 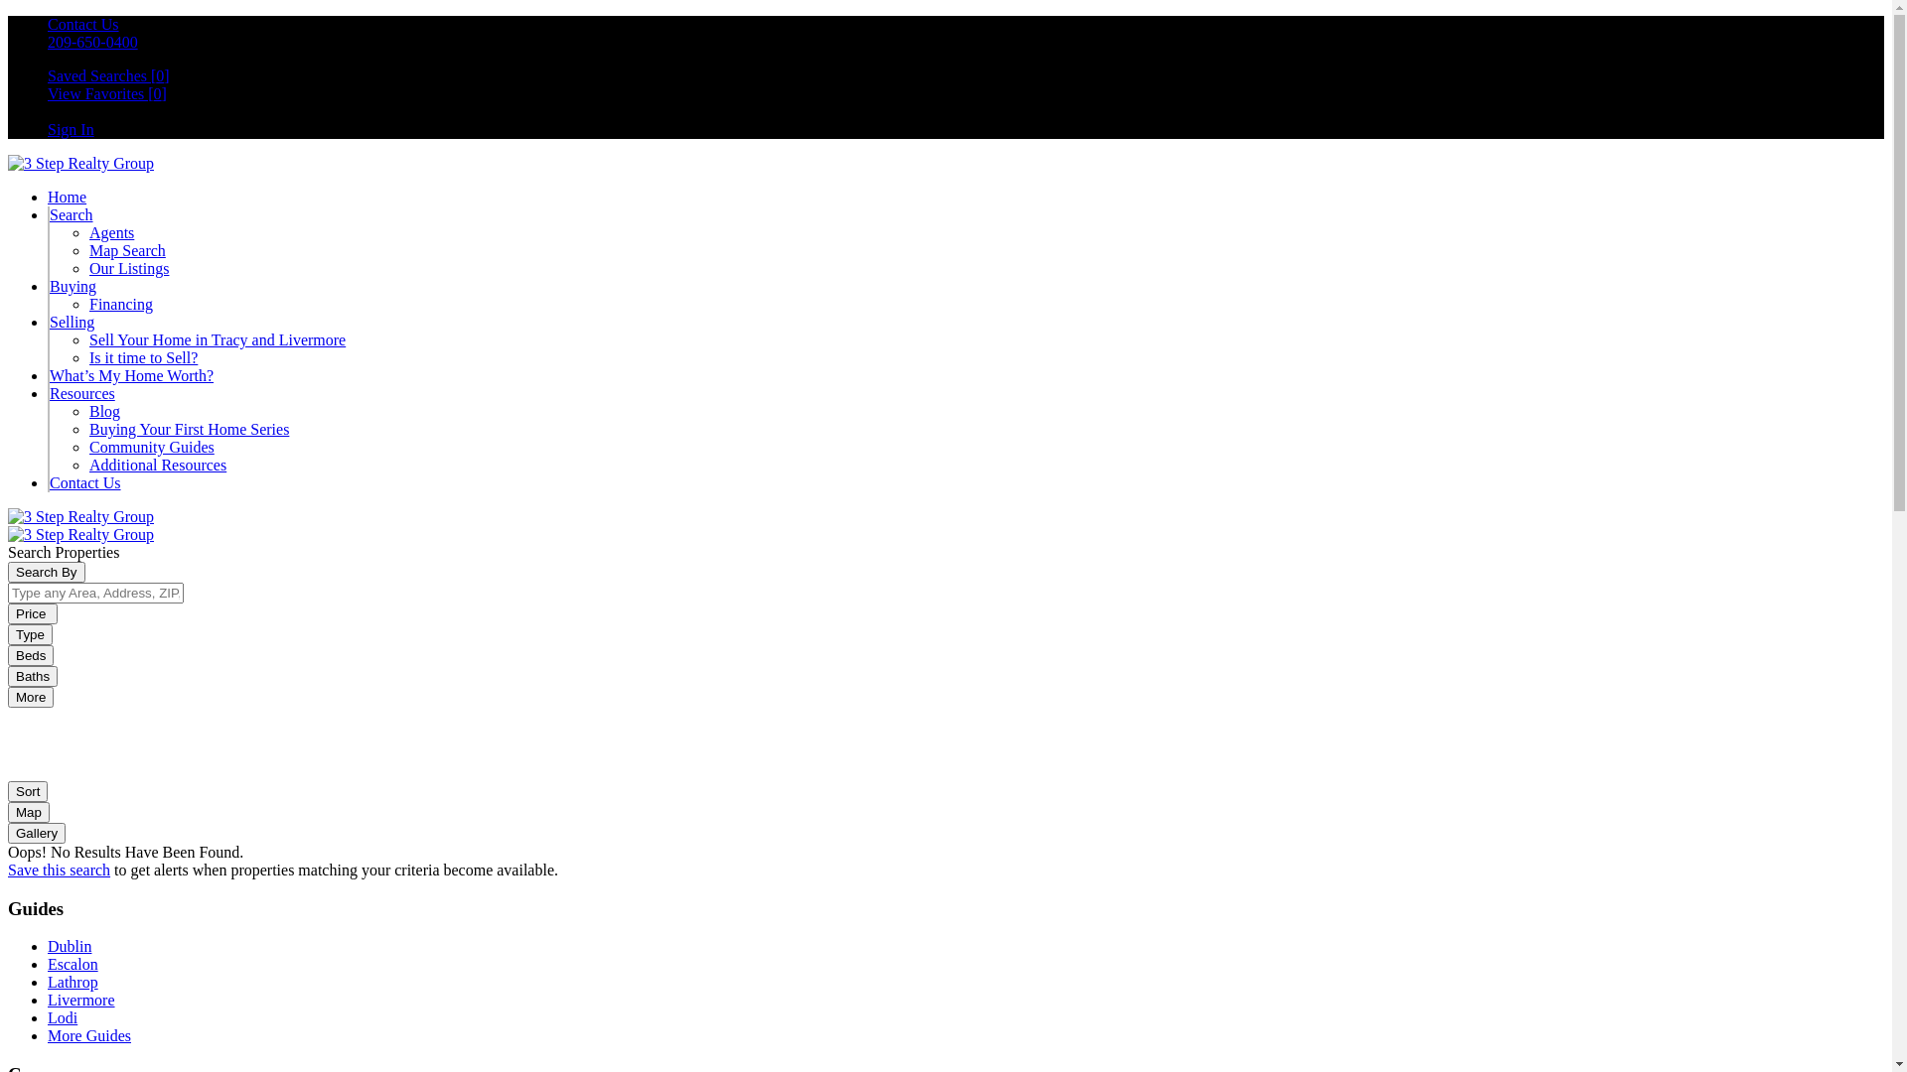 I want to click on 'Map Search', so click(x=126, y=249).